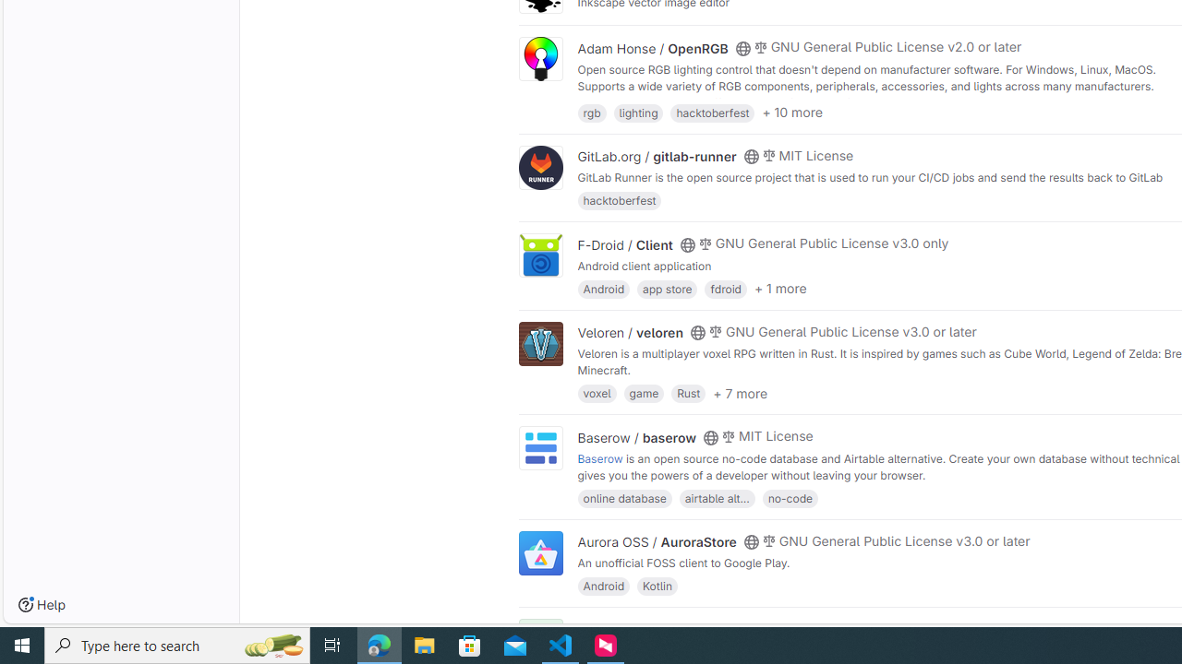  Describe the element at coordinates (644, 392) in the screenshot. I see `'game'` at that location.